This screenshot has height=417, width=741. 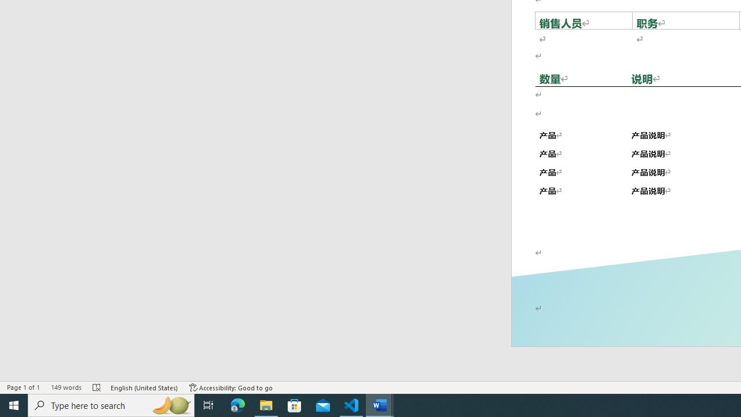 What do you see at coordinates (231, 387) in the screenshot?
I see `'Accessibility Checker Accessibility: Good to go'` at bounding box center [231, 387].